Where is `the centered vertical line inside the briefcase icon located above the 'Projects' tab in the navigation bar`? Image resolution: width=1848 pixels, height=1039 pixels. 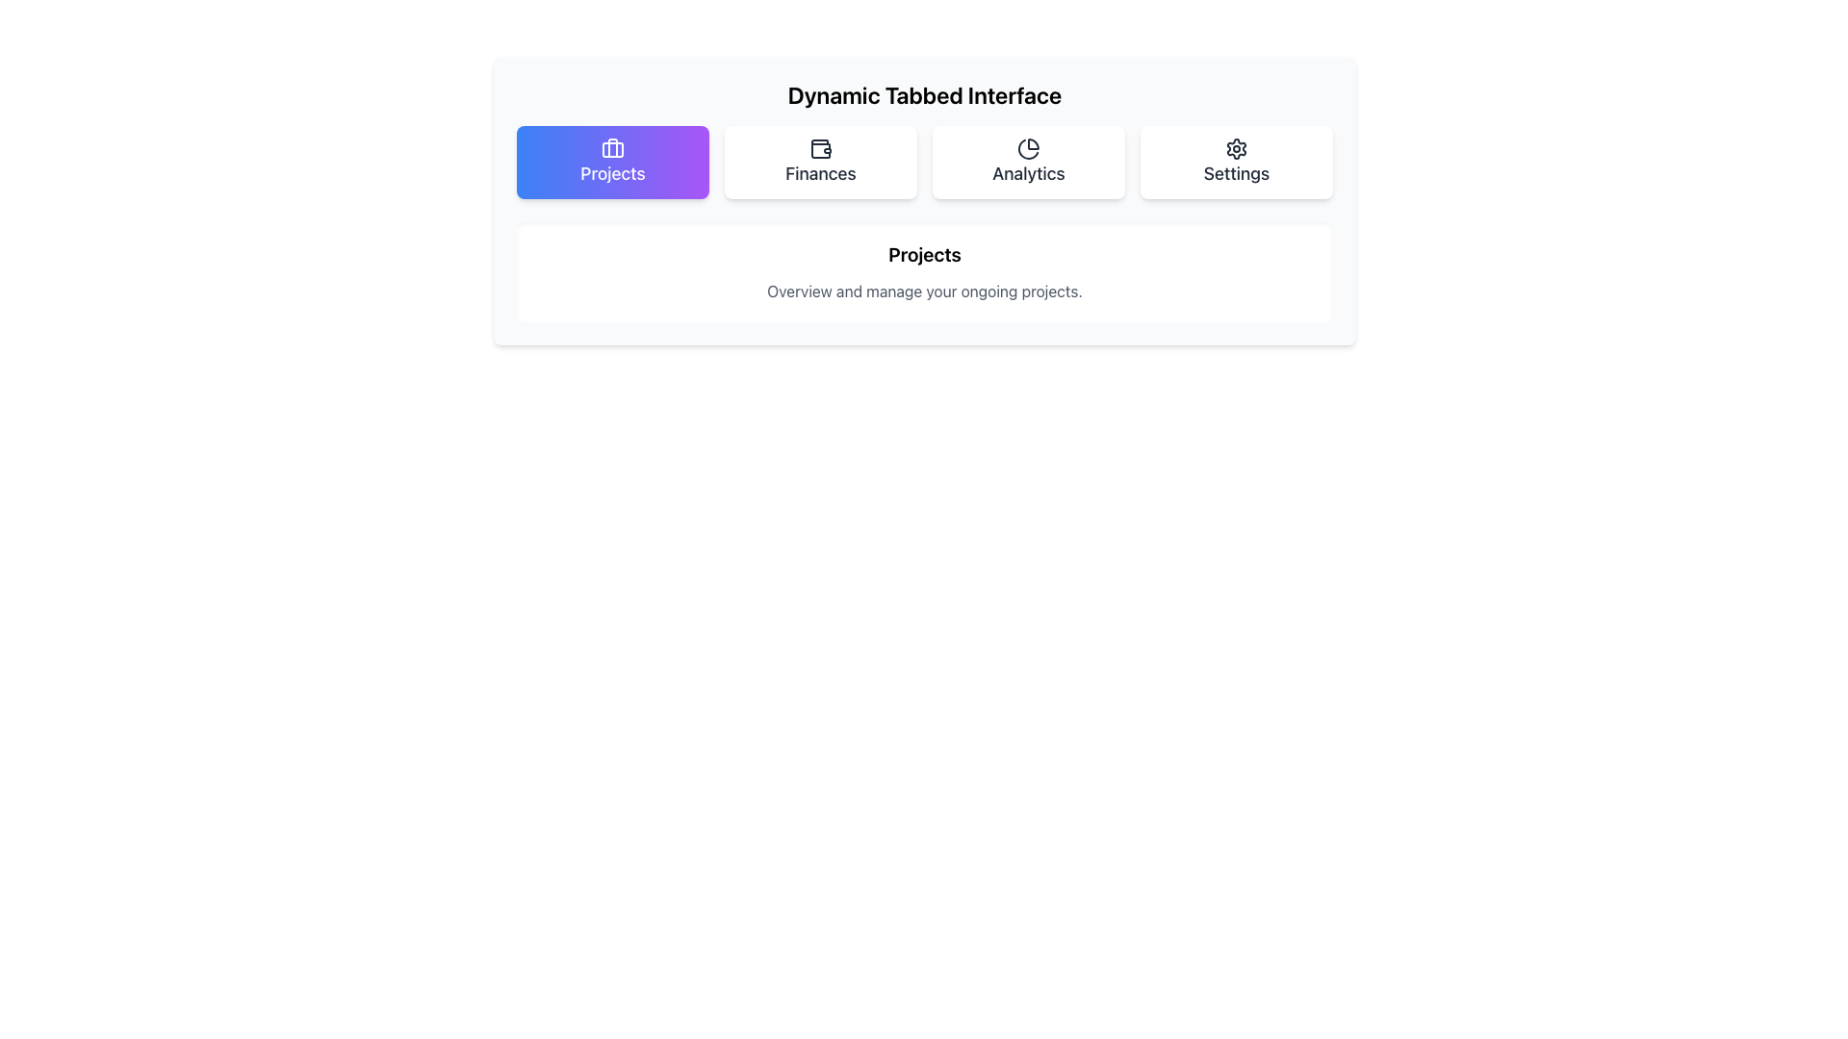 the centered vertical line inside the briefcase icon located above the 'Projects' tab in the navigation bar is located at coordinates (612, 147).